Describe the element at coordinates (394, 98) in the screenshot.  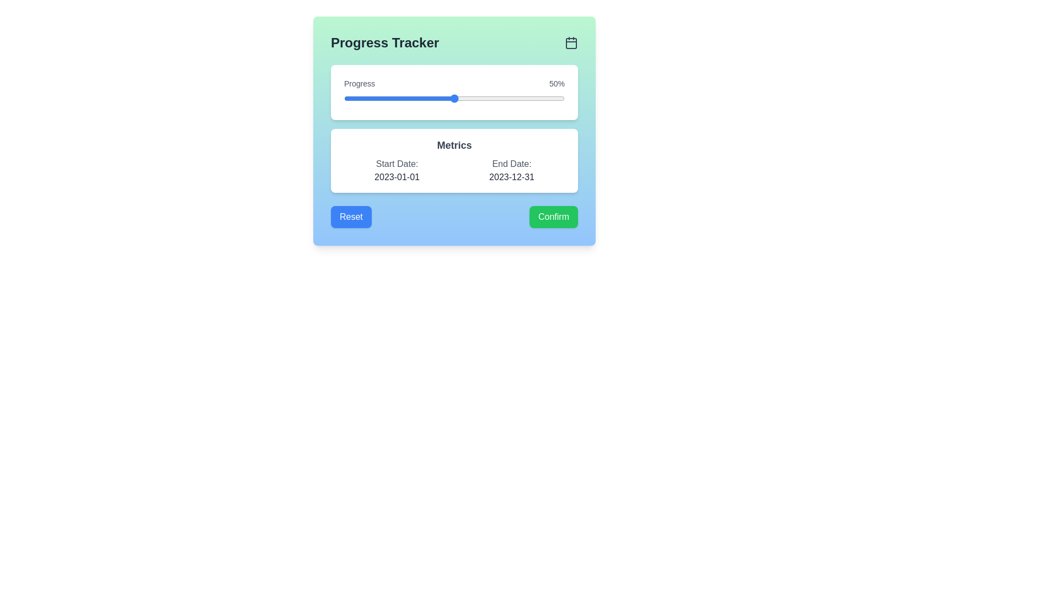
I see `the slider value` at that location.